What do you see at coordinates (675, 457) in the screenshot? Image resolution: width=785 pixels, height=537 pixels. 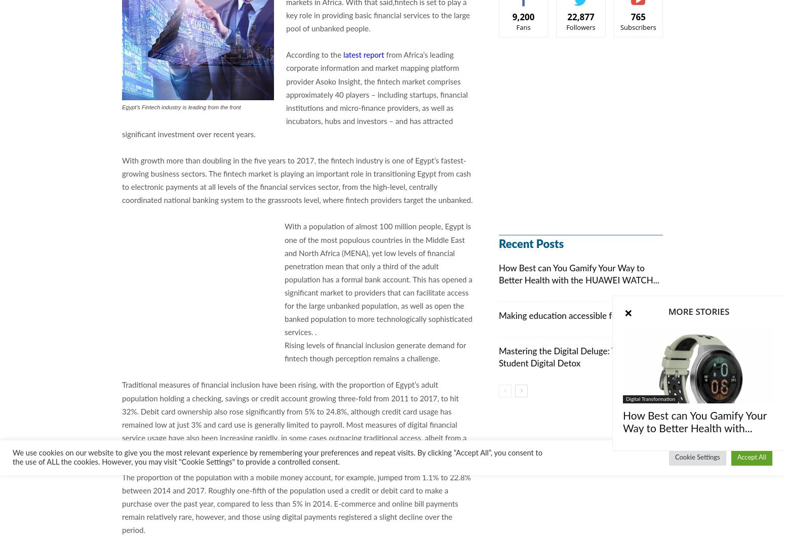 I see `'Cookie Settings'` at bounding box center [675, 457].